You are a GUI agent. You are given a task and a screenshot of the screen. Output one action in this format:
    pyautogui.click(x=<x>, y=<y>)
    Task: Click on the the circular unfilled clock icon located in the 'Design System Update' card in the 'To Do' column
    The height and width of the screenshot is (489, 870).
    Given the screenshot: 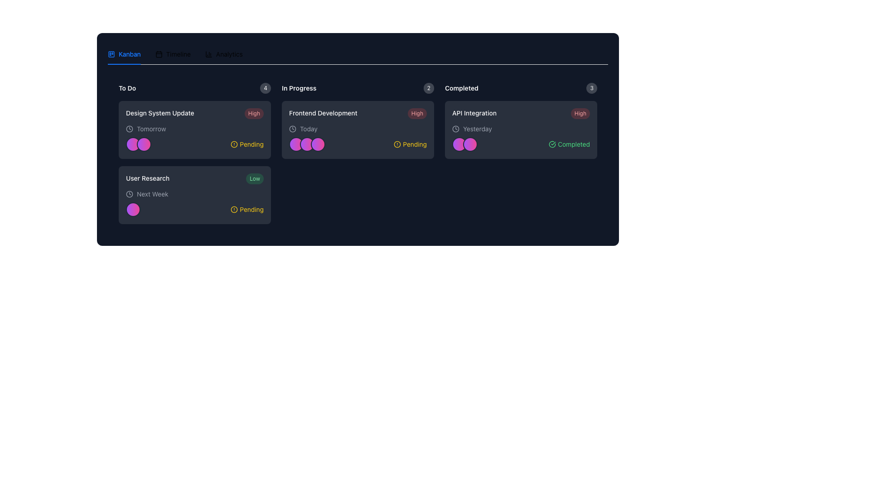 What is the action you would take?
    pyautogui.click(x=129, y=129)
    